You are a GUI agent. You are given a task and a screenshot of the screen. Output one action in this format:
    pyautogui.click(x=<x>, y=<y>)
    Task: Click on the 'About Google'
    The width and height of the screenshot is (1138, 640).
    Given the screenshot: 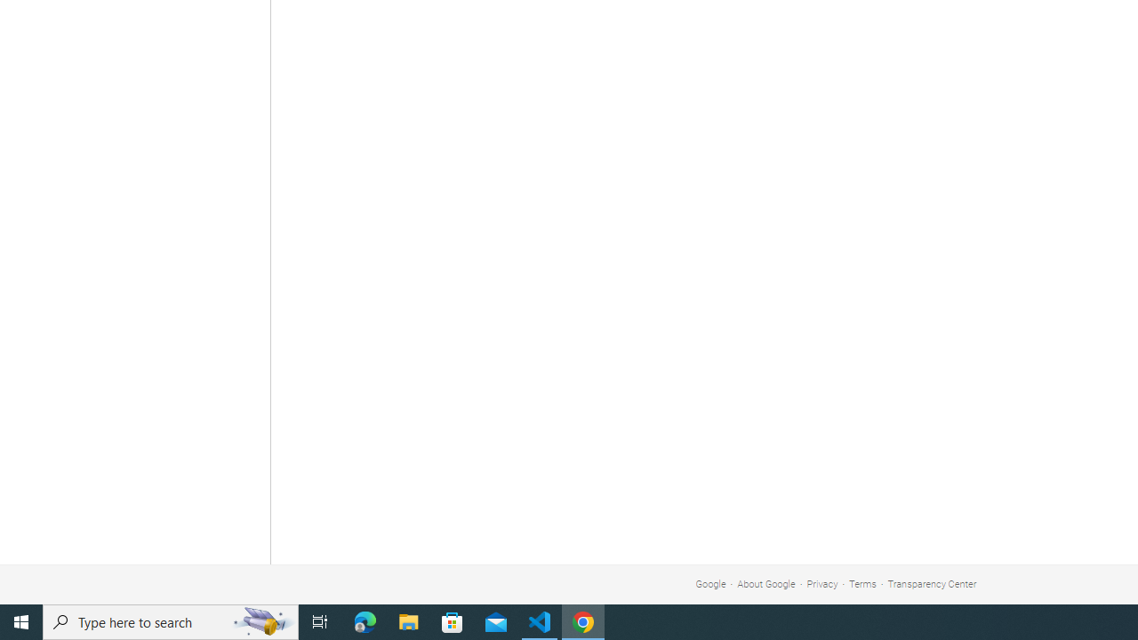 What is the action you would take?
    pyautogui.click(x=766, y=584)
    